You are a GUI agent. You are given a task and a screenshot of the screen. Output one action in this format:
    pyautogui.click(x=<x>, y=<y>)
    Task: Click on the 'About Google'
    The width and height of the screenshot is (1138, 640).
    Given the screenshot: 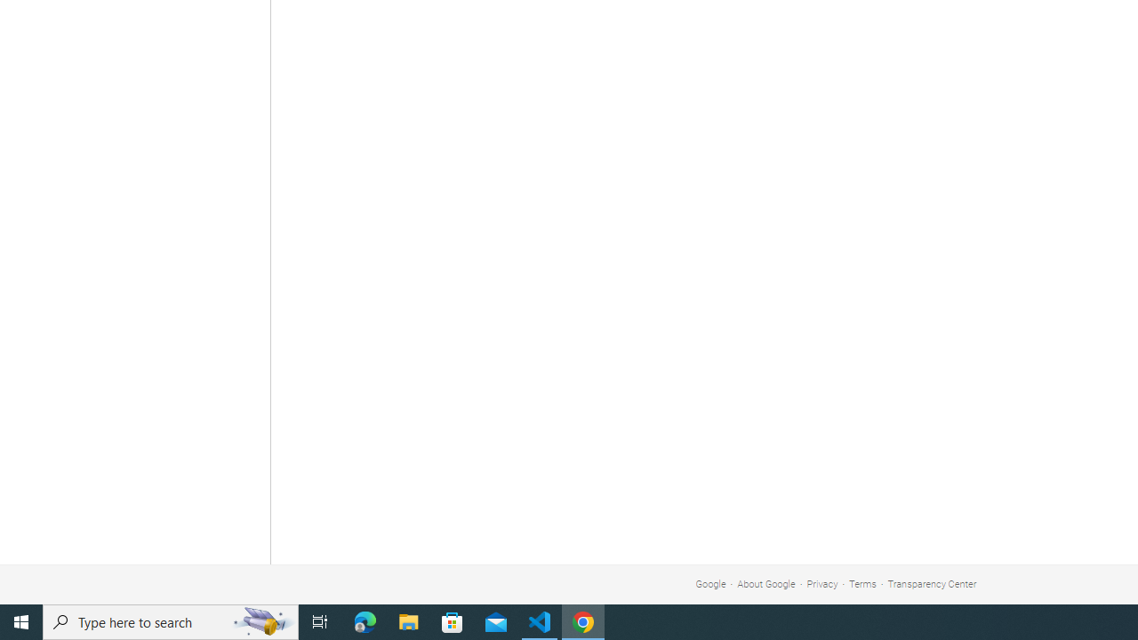 What is the action you would take?
    pyautogui.click(x=766, y=584)
    